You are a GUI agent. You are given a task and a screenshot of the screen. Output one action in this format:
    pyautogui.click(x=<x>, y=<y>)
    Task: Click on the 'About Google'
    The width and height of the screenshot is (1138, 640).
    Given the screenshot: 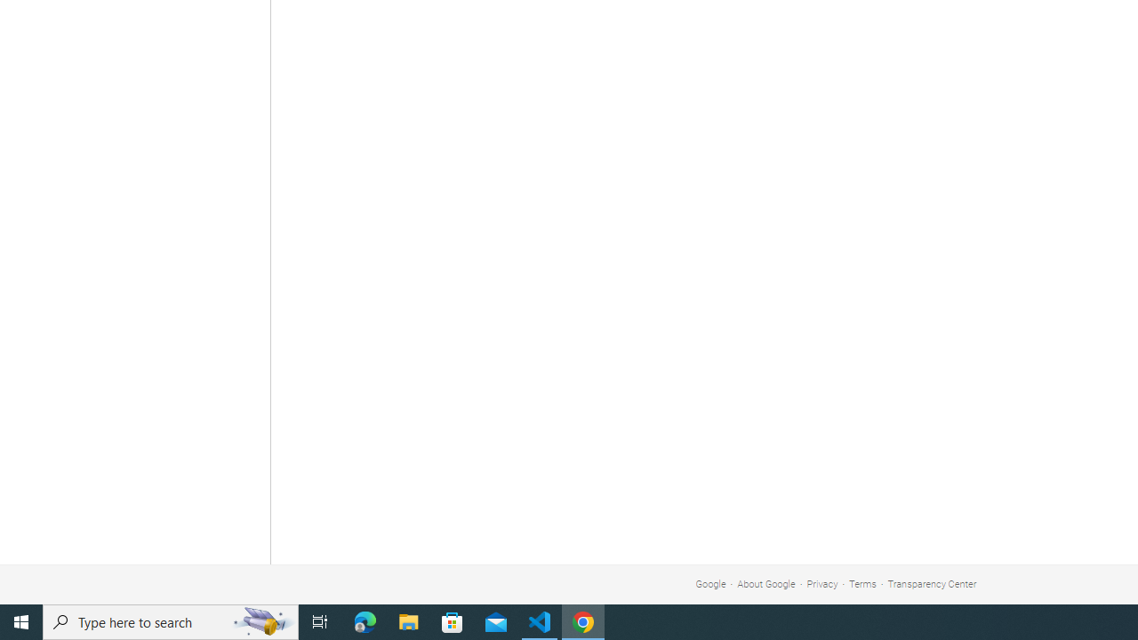 What is the action you would take?
    pyautogui.click(x=766, y=584)
    